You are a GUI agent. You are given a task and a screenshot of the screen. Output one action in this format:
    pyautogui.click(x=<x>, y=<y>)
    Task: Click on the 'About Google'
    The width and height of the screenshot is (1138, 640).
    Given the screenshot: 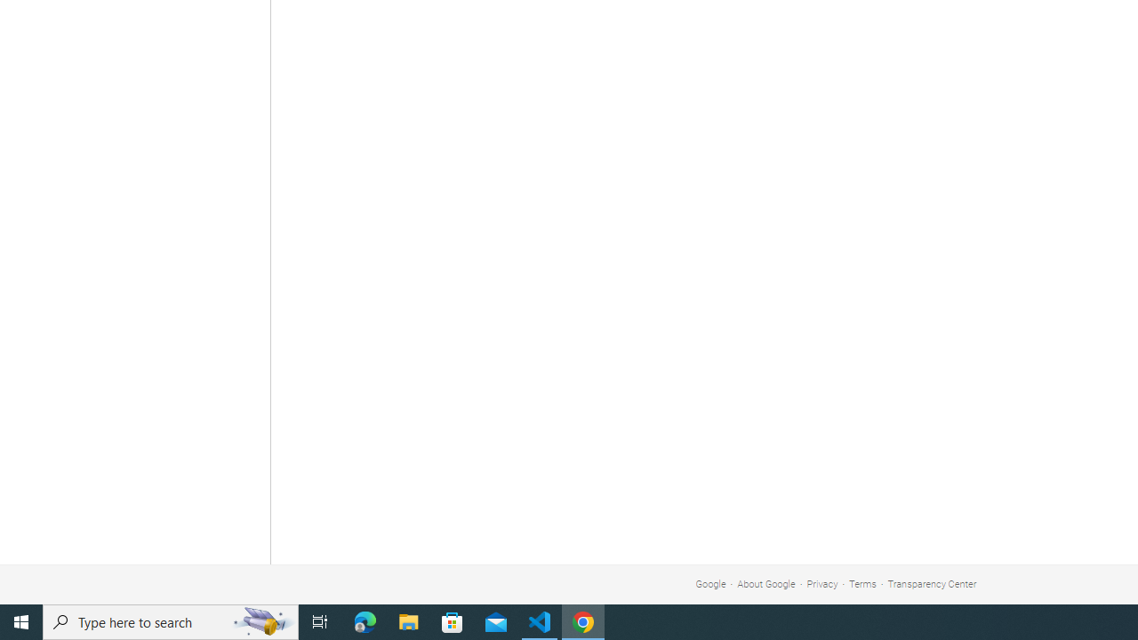 What is the action you would take?
    pyautogui.click(x=766, y=584)
    